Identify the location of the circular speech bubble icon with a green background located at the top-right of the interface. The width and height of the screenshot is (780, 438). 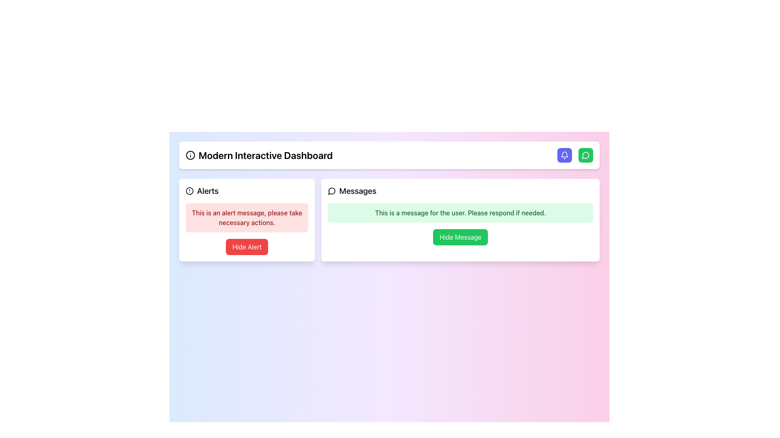
(585, 155).